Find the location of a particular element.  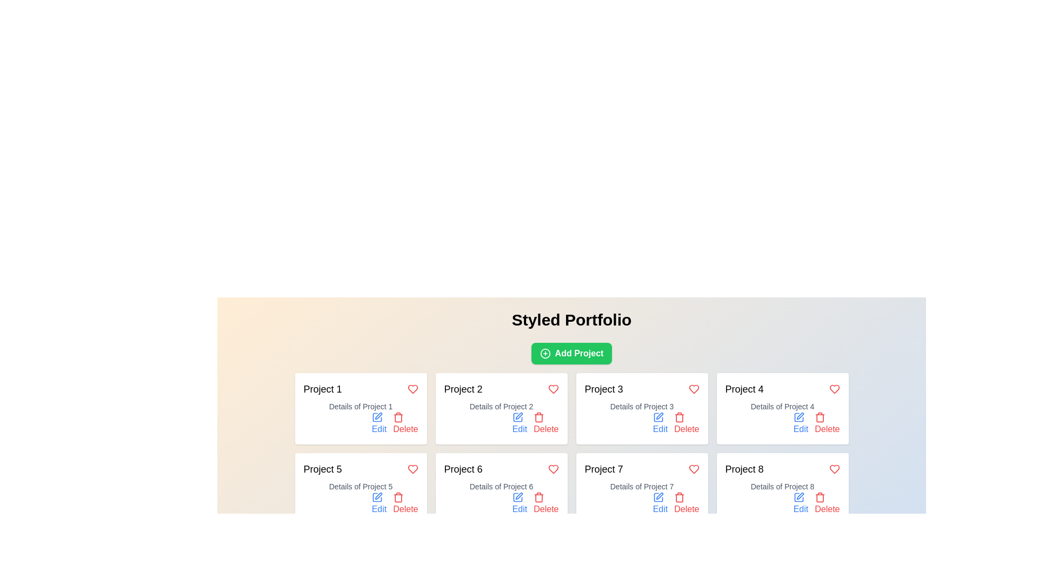

the plaintext label displaying 'Project 7', which is styled with a medium-sized bold font and located in the second row and third column of the project cards layout is located at coordinates (603, 468).